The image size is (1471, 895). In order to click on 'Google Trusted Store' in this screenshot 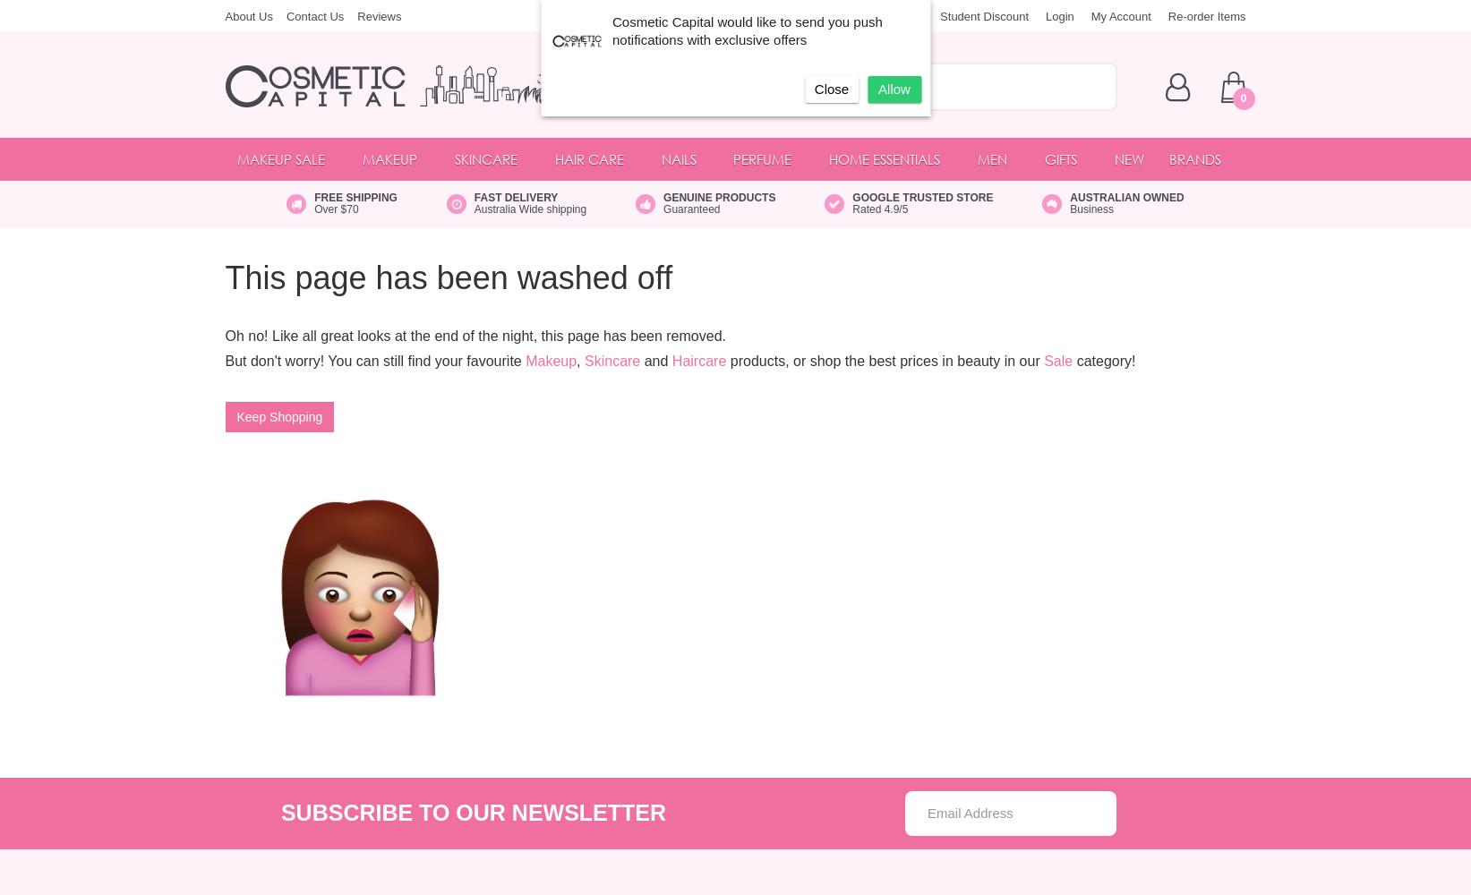, I will do `click(921, 197)`.